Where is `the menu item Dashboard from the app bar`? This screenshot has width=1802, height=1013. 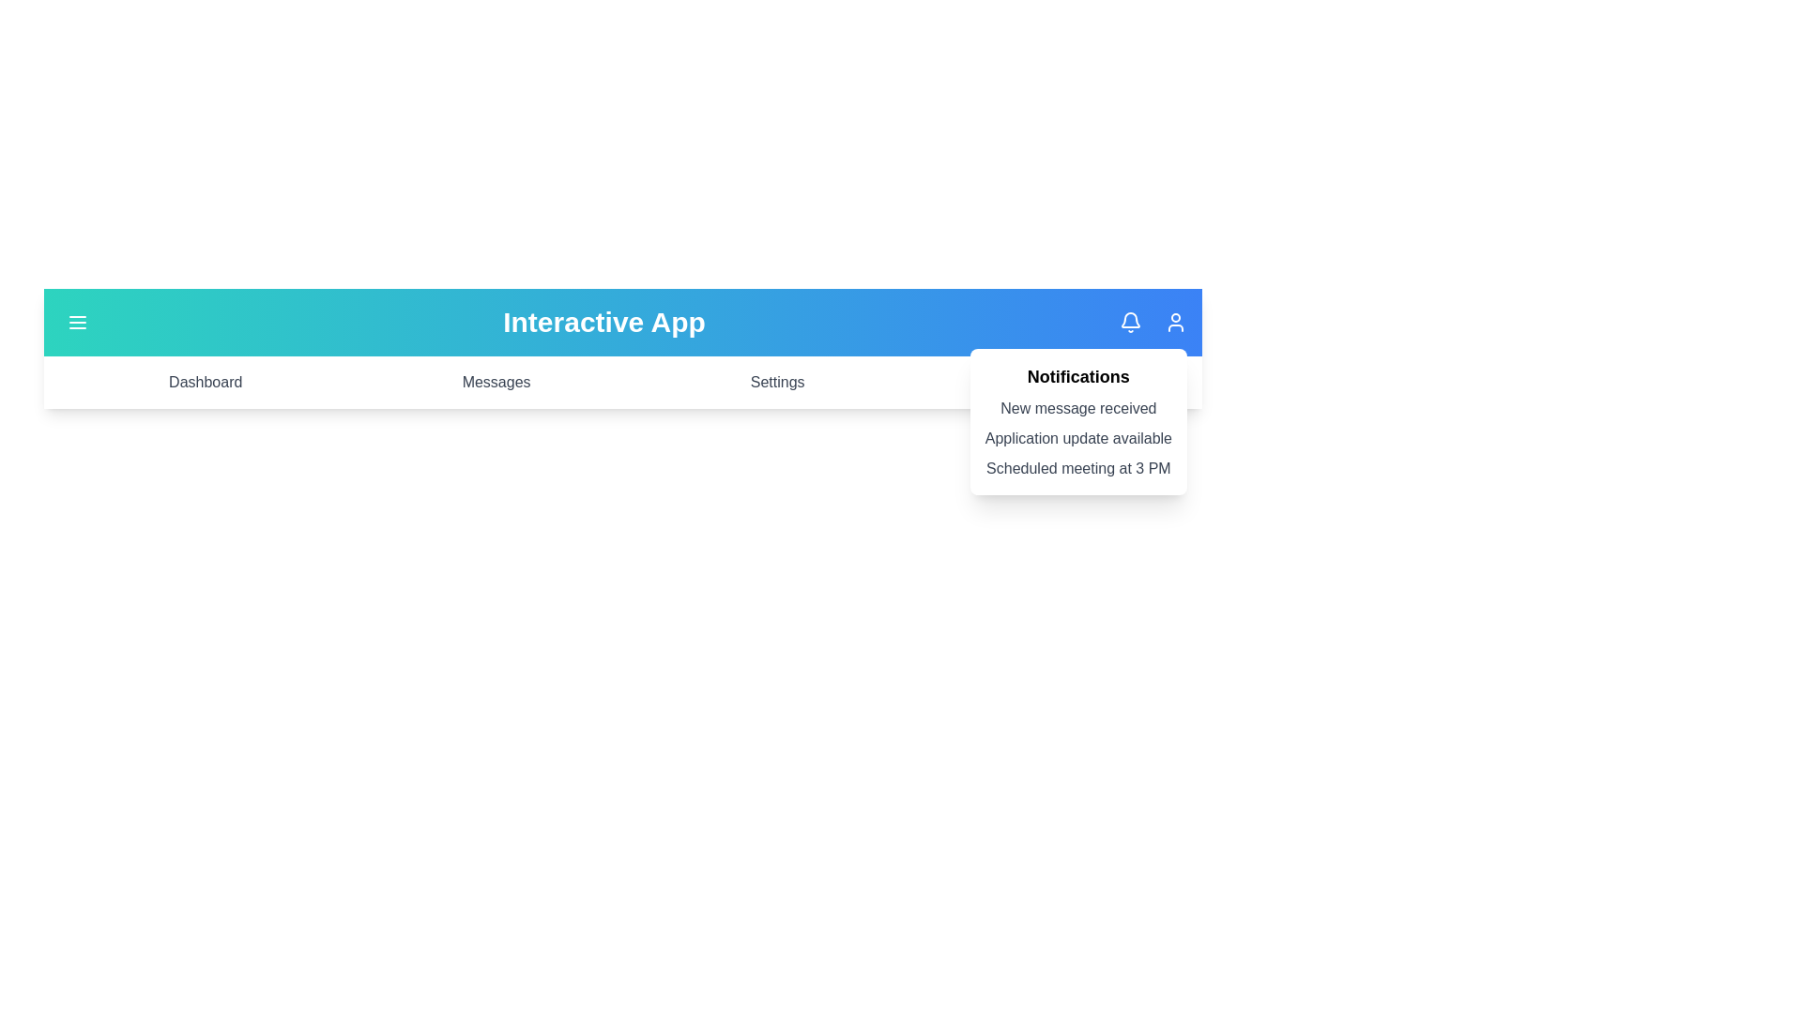 the menu item Dashboard from the app bar is located at coordinates (206, 382).